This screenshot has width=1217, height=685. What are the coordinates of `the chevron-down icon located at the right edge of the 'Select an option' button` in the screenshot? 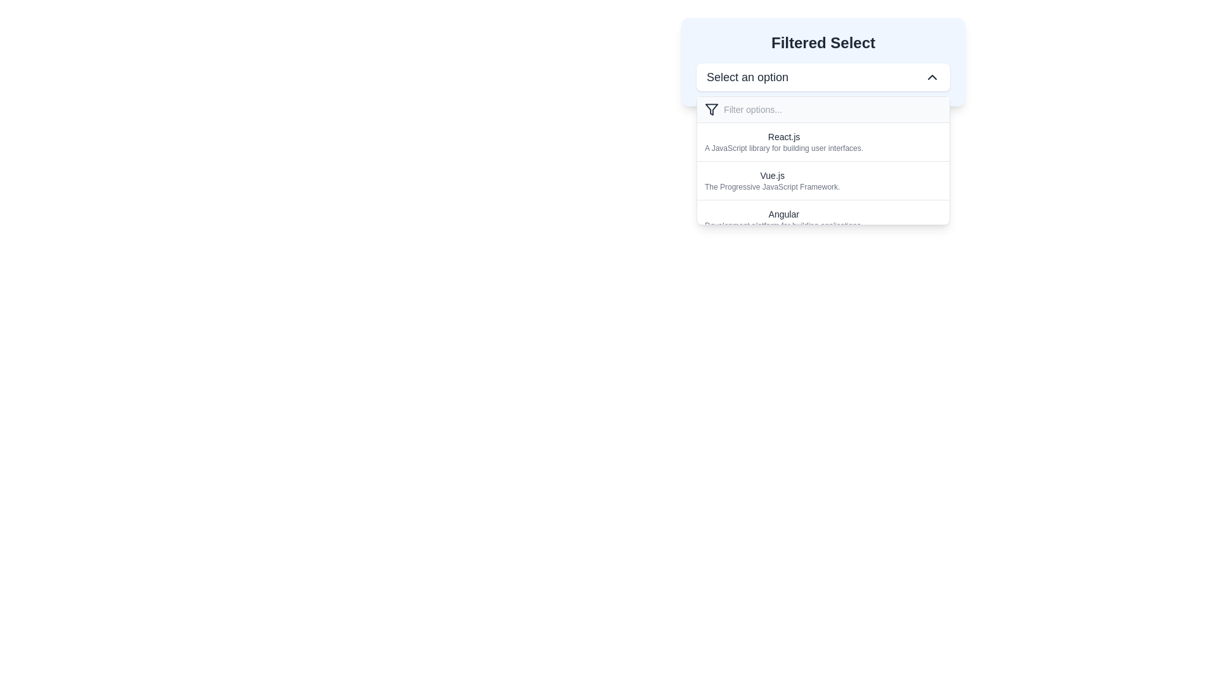 It's located at (932, 77).